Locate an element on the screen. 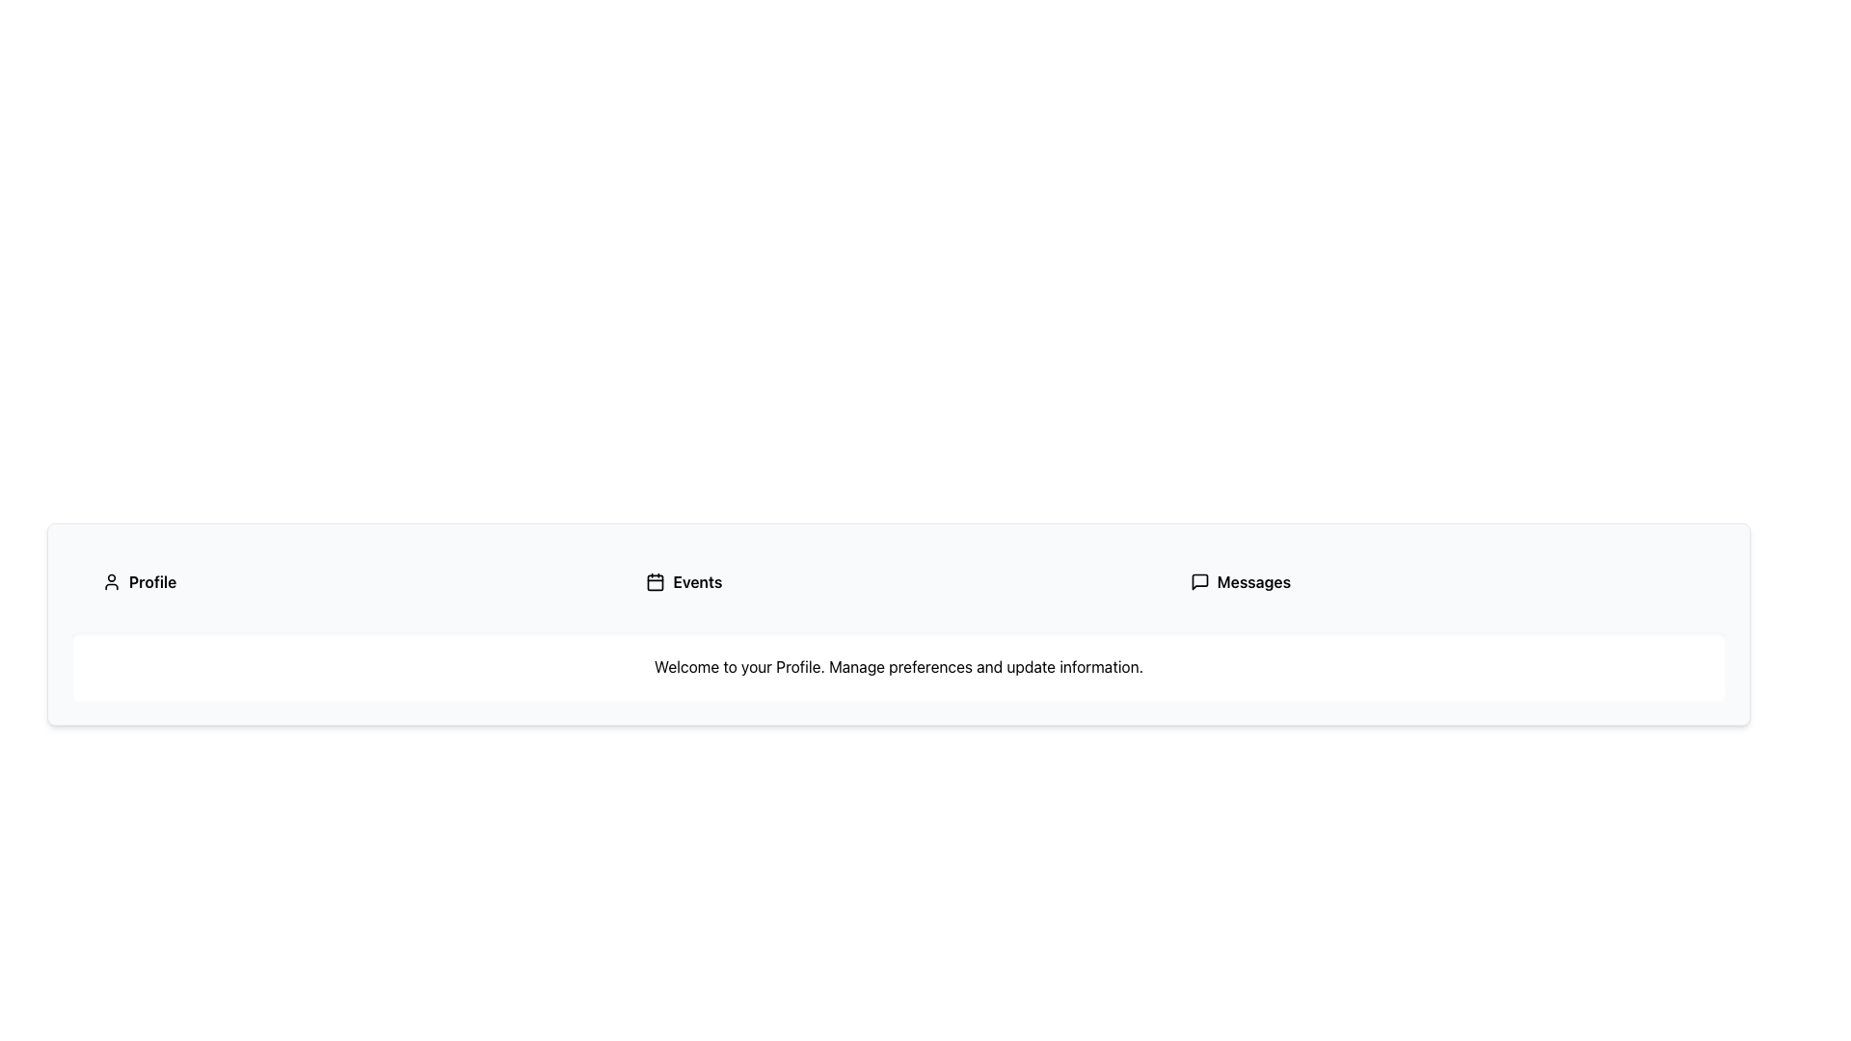 The image size is (1851, 1041). the 'Profile' text label, which is bold and styled with 'font-semibold' is located at coordinates (151, 581).